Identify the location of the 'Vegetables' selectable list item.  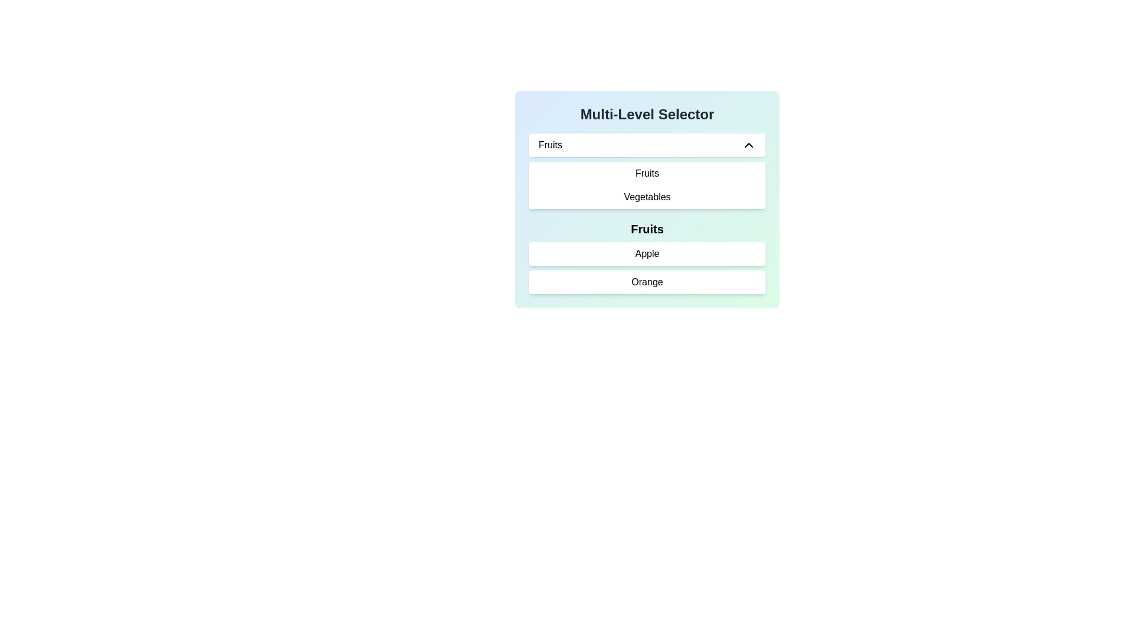
(646, 197).